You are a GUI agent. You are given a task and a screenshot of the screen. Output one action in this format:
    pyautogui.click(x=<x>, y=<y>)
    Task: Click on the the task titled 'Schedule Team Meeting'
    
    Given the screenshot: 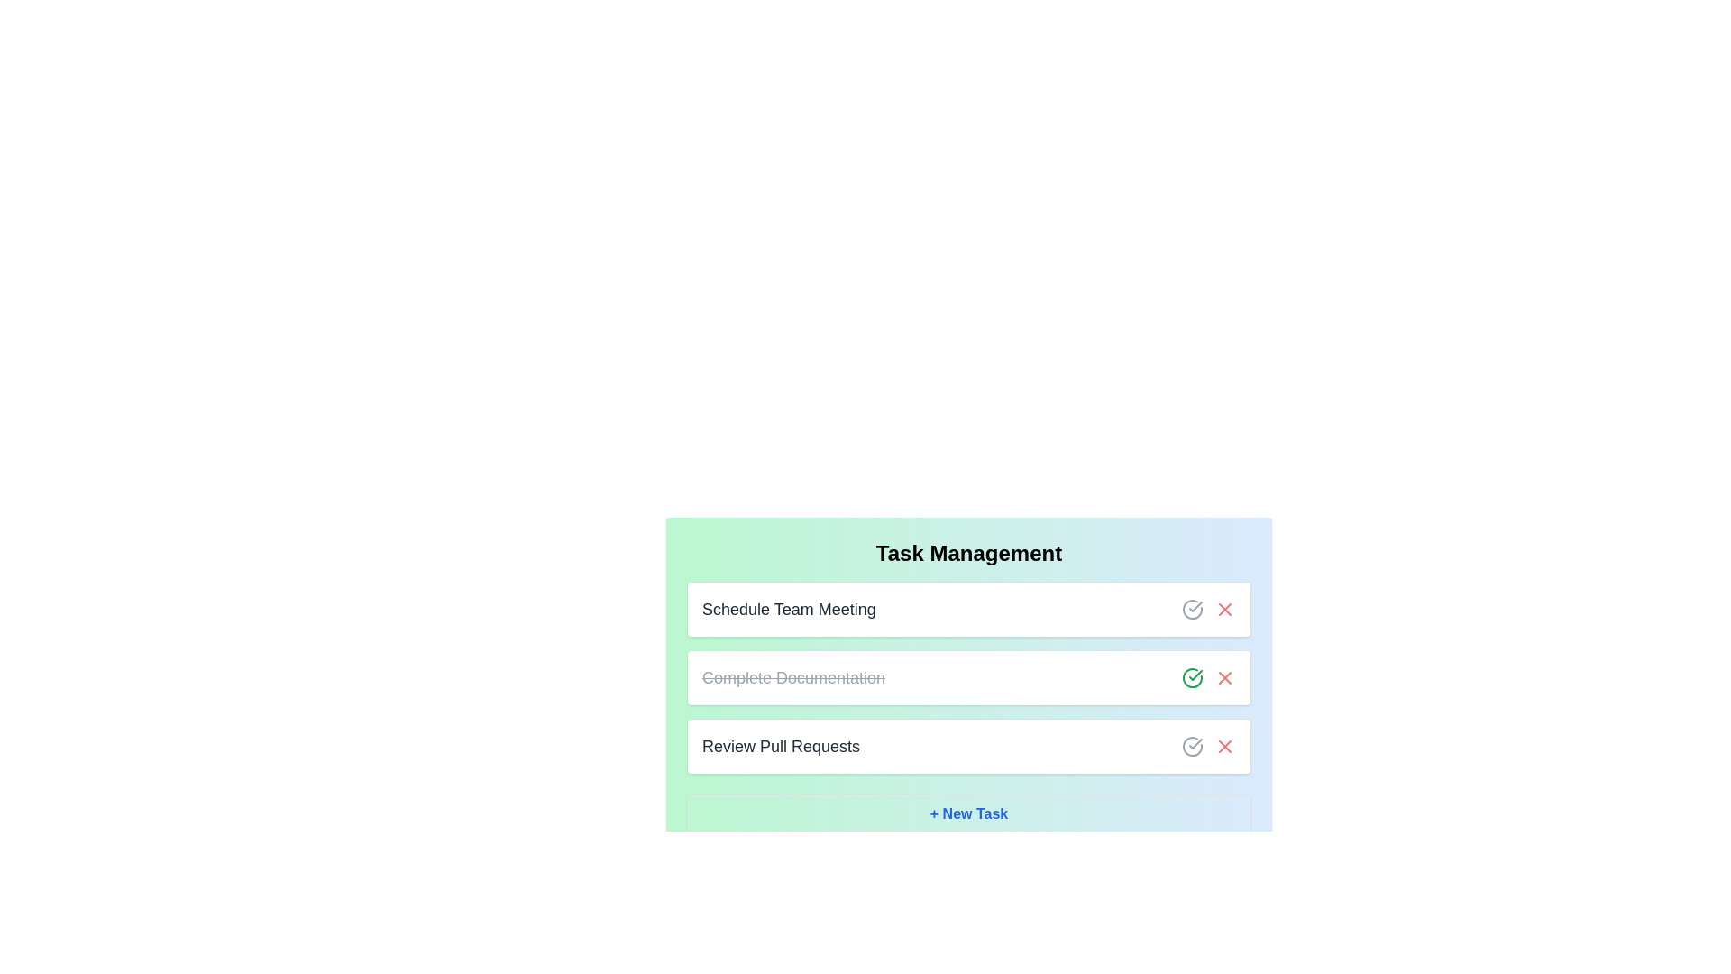 What is the action you would take?
    pyautogui.click(x=788, y=609)
    